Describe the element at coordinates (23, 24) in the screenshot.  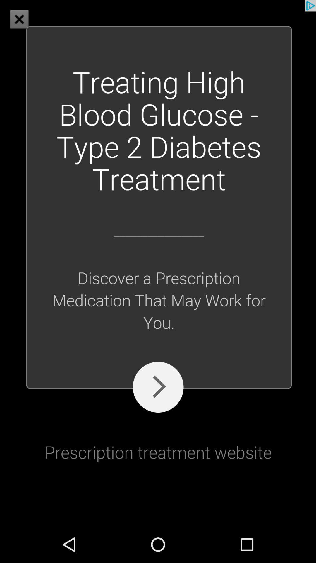
I see `the close icon` at that location.